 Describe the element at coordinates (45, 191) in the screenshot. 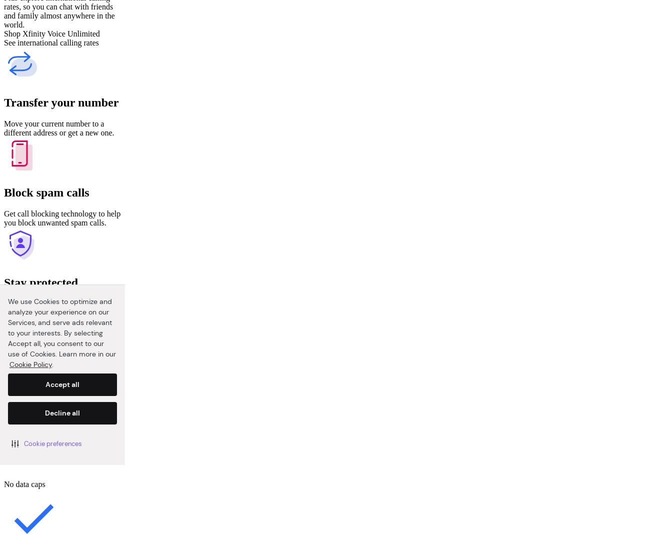

I see `'Block spam calls'` at that location.